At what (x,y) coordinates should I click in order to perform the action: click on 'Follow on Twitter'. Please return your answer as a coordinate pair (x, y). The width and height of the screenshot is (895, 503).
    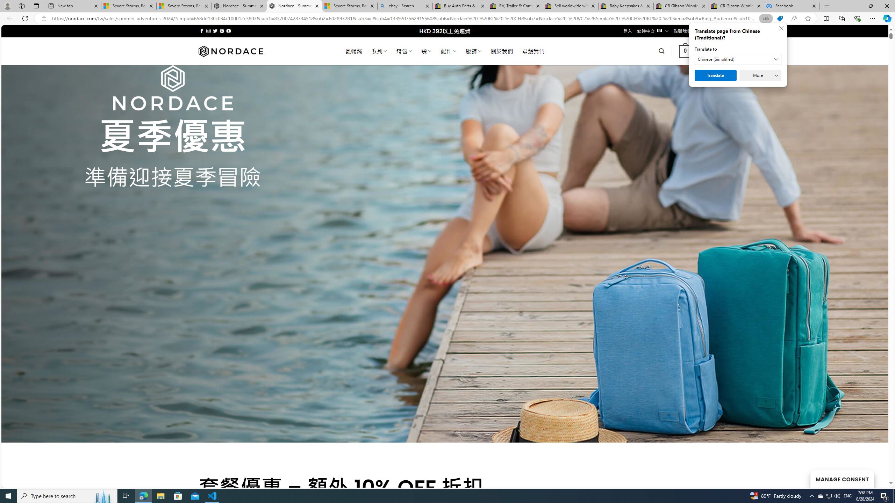
    Looking at the image, I should click on (215, 31).